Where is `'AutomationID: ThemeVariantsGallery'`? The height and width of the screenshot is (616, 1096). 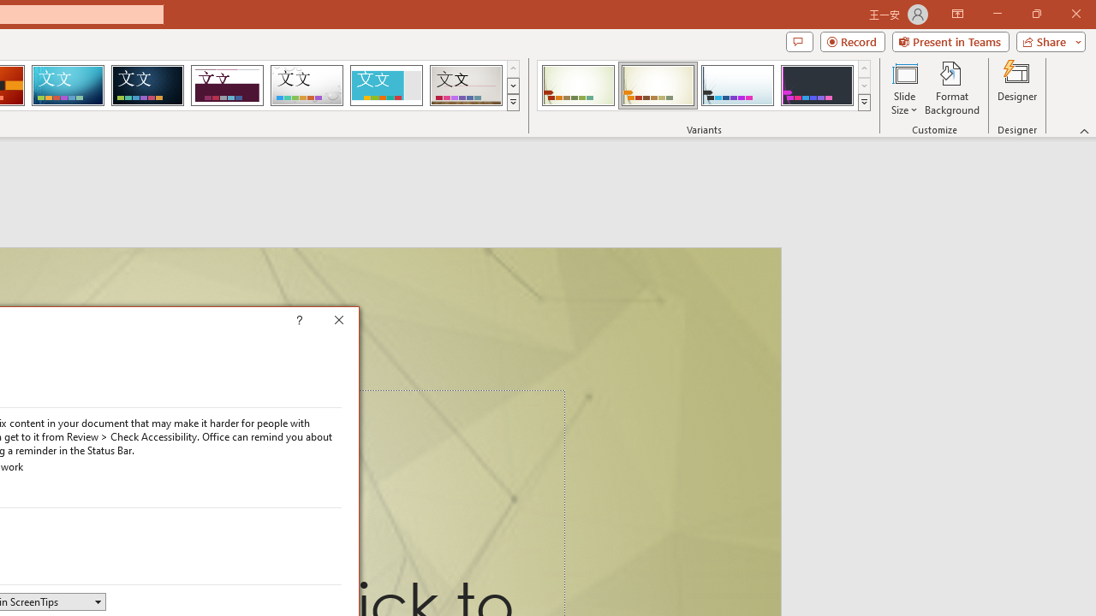
'AutomationID: ThemeVariantsGallery' is located at coordinates (705, 86).